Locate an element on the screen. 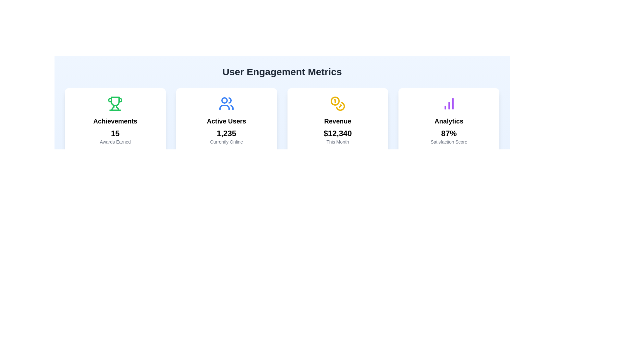  the label specifying 'Awards Earned', which is positioned below the number '15' in the 'Achievements' metric card is located at coordinates (115, 142).